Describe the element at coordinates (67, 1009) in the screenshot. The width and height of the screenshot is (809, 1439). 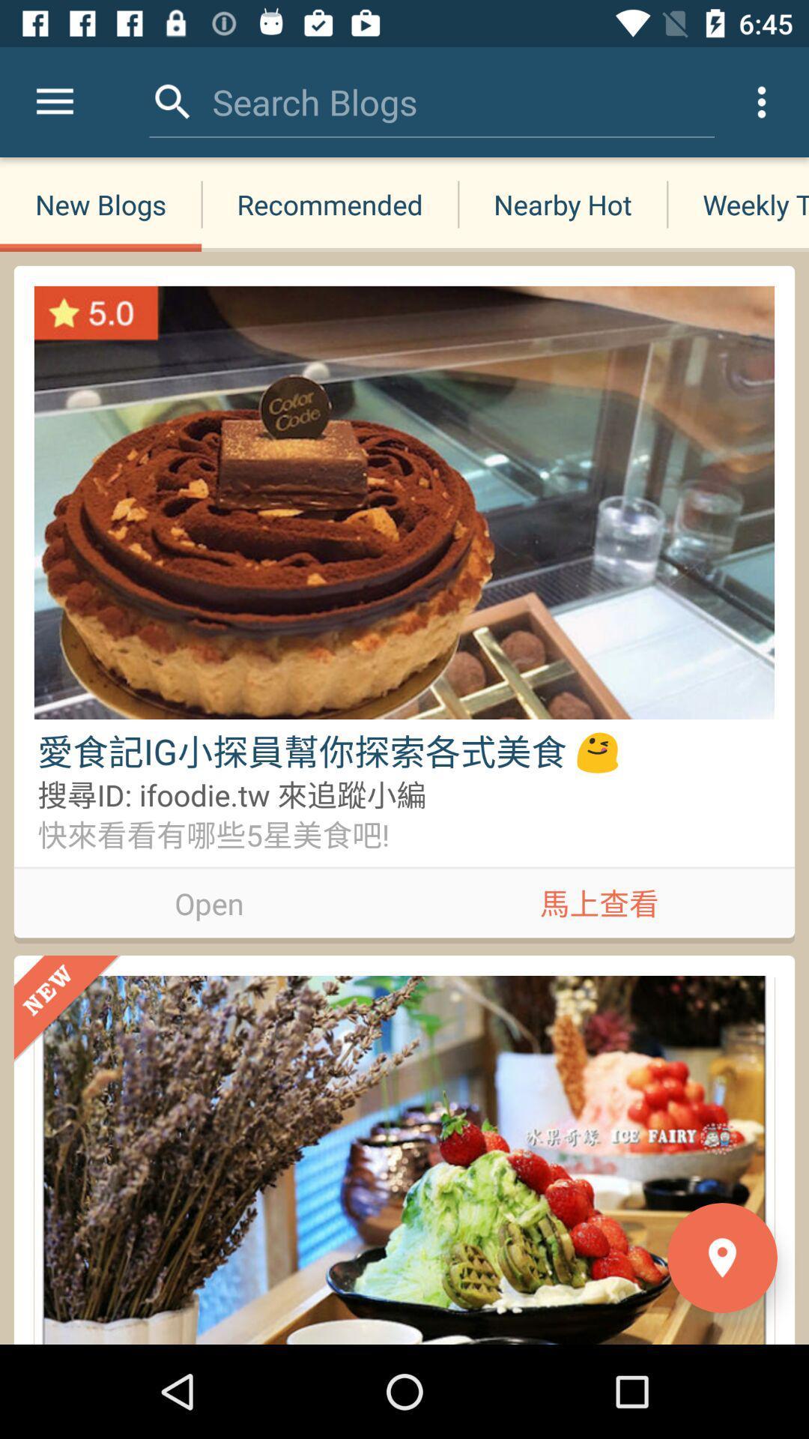
I see `the text which is at the top left corner in the second image from the top` at that location.